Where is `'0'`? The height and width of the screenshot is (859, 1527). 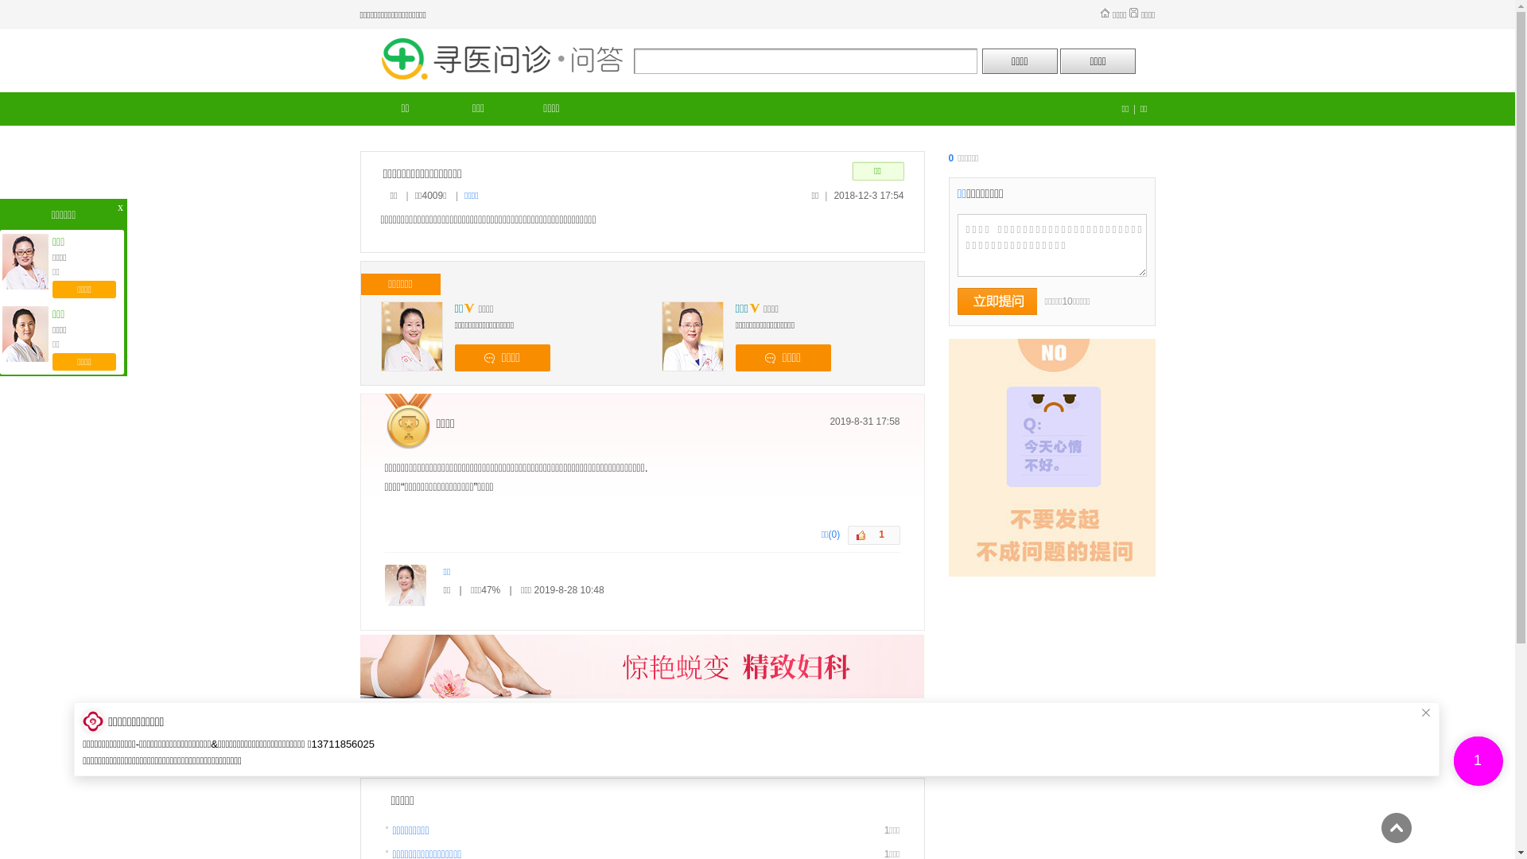 '0' is located at coordinates (947, 158).